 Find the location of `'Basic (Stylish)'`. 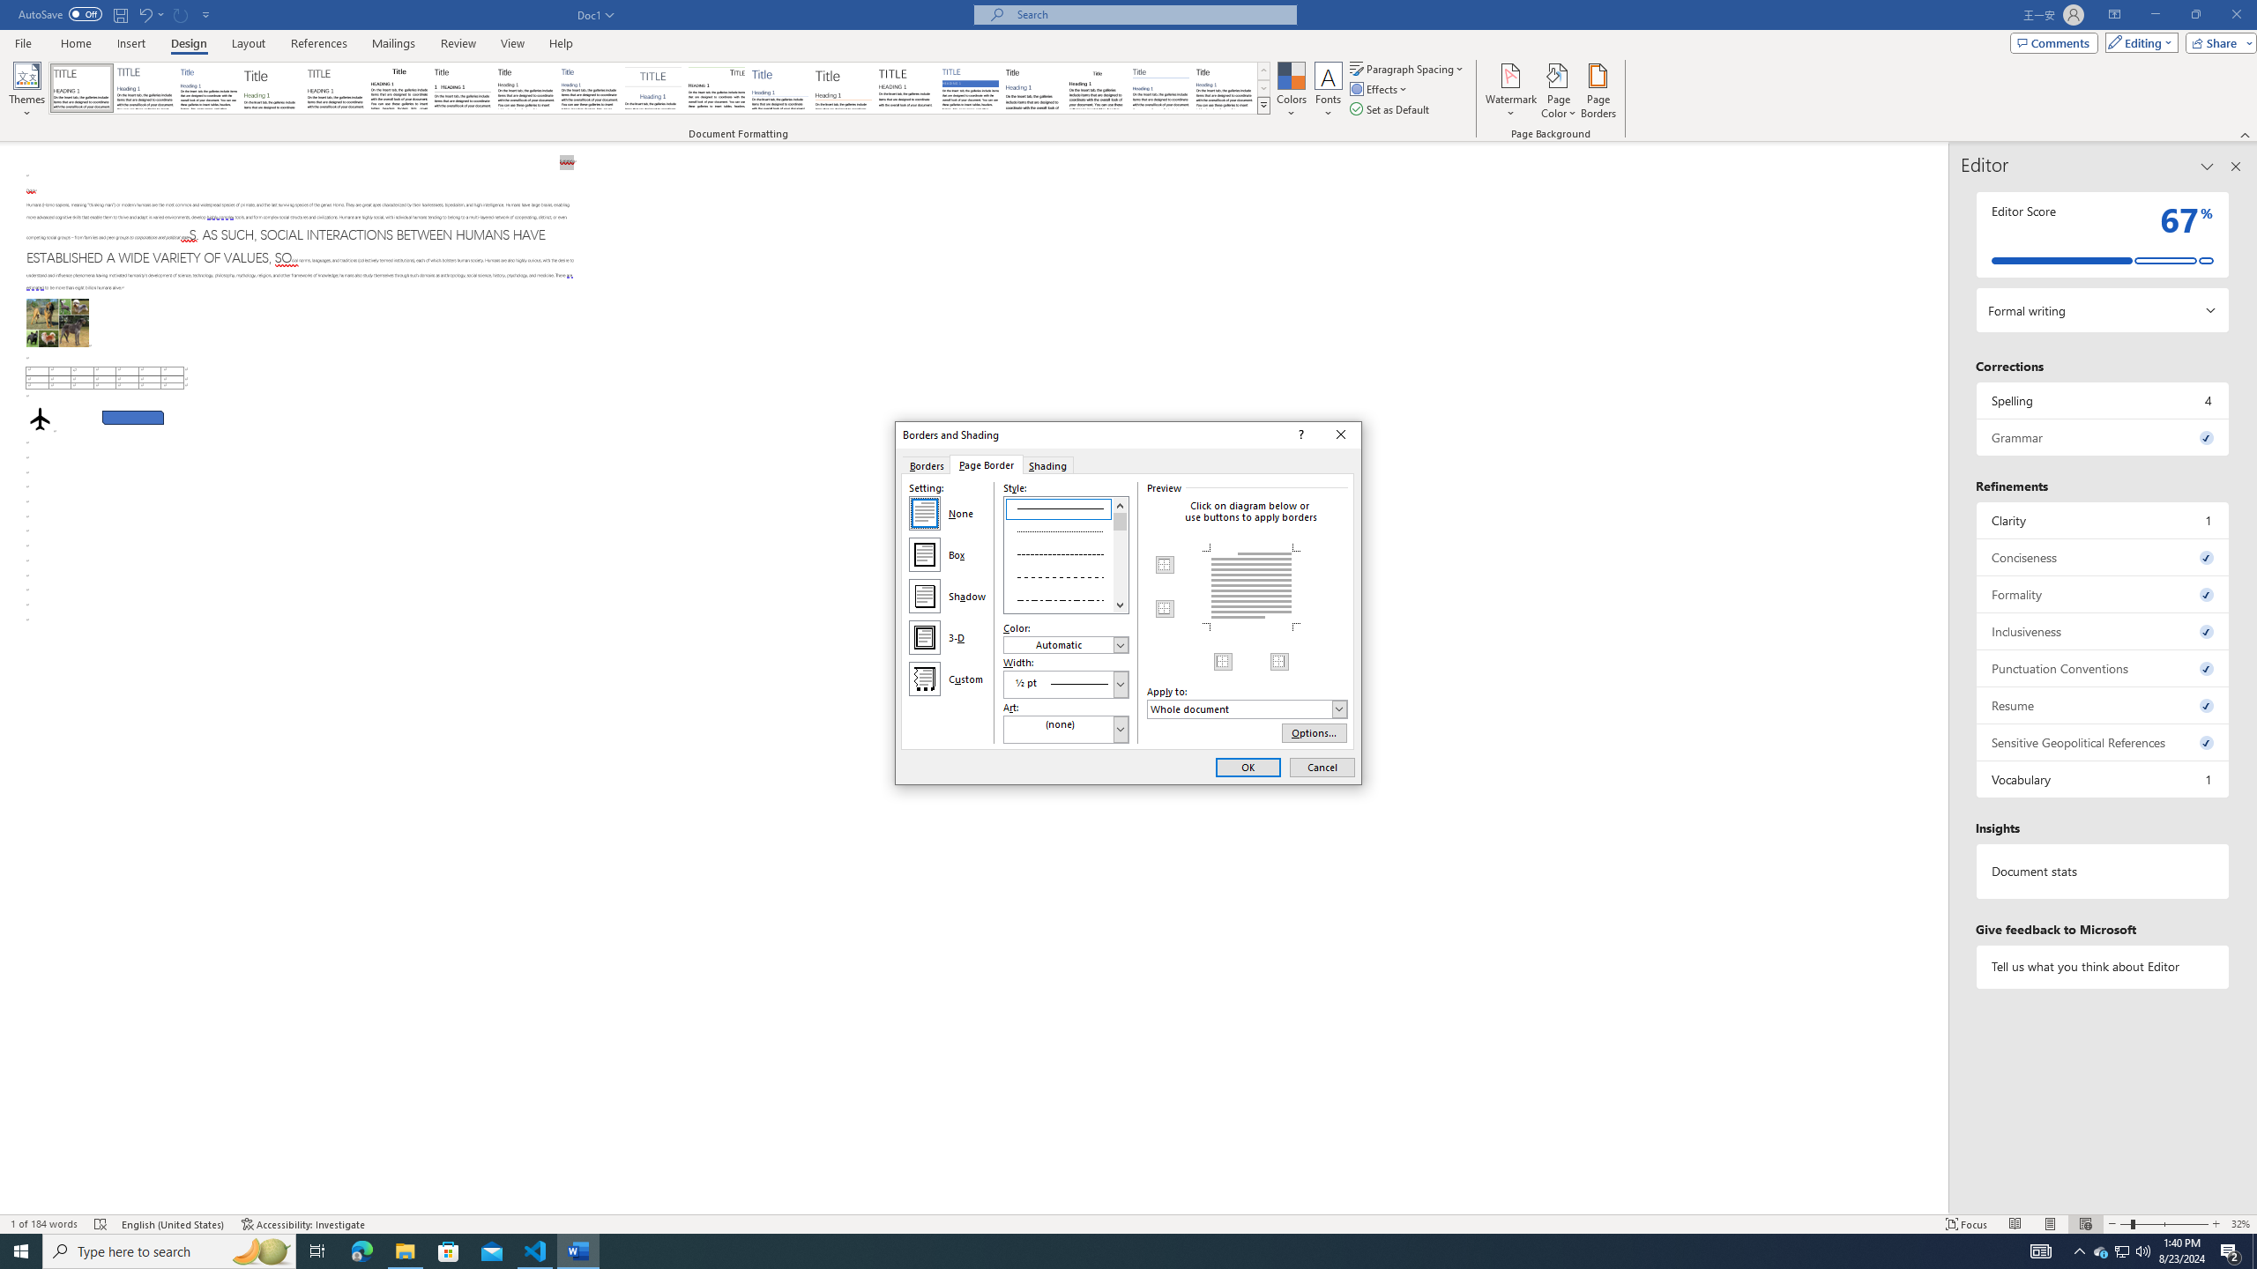

'Basic (Stylish)' is located at coordinates (272, 87).